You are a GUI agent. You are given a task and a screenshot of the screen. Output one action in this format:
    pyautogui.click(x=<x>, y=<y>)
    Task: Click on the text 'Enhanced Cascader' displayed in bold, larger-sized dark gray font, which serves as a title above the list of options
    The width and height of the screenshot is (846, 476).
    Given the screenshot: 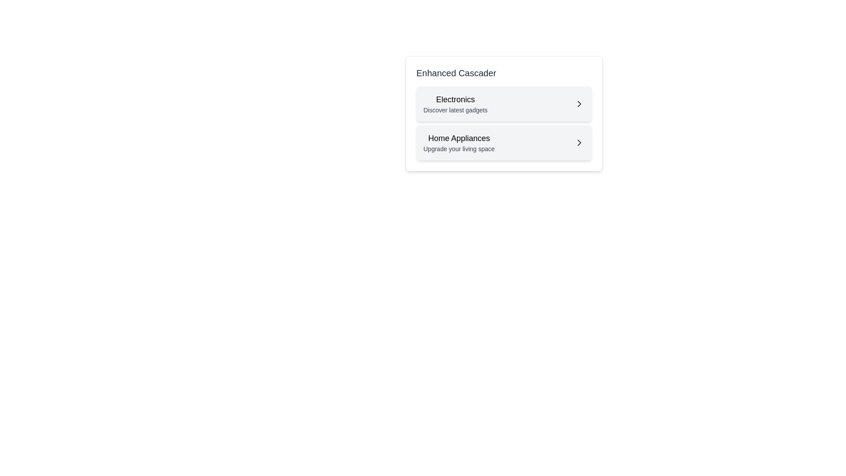 What is the action you would take?
    pyautogui.click(x=456, y=72)
    